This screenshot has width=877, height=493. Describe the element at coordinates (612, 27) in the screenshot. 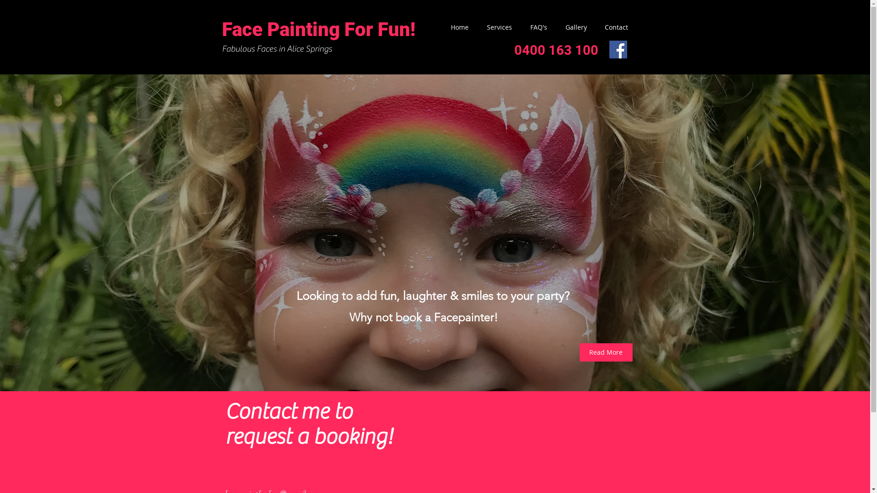

I see `'Contact'` at that location.